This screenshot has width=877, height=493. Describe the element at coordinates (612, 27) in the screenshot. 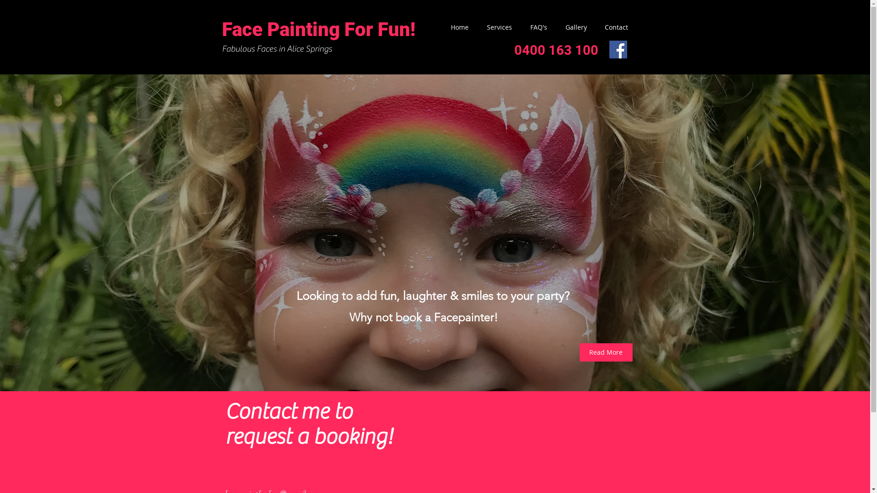

I see `'Contact'` at that location.